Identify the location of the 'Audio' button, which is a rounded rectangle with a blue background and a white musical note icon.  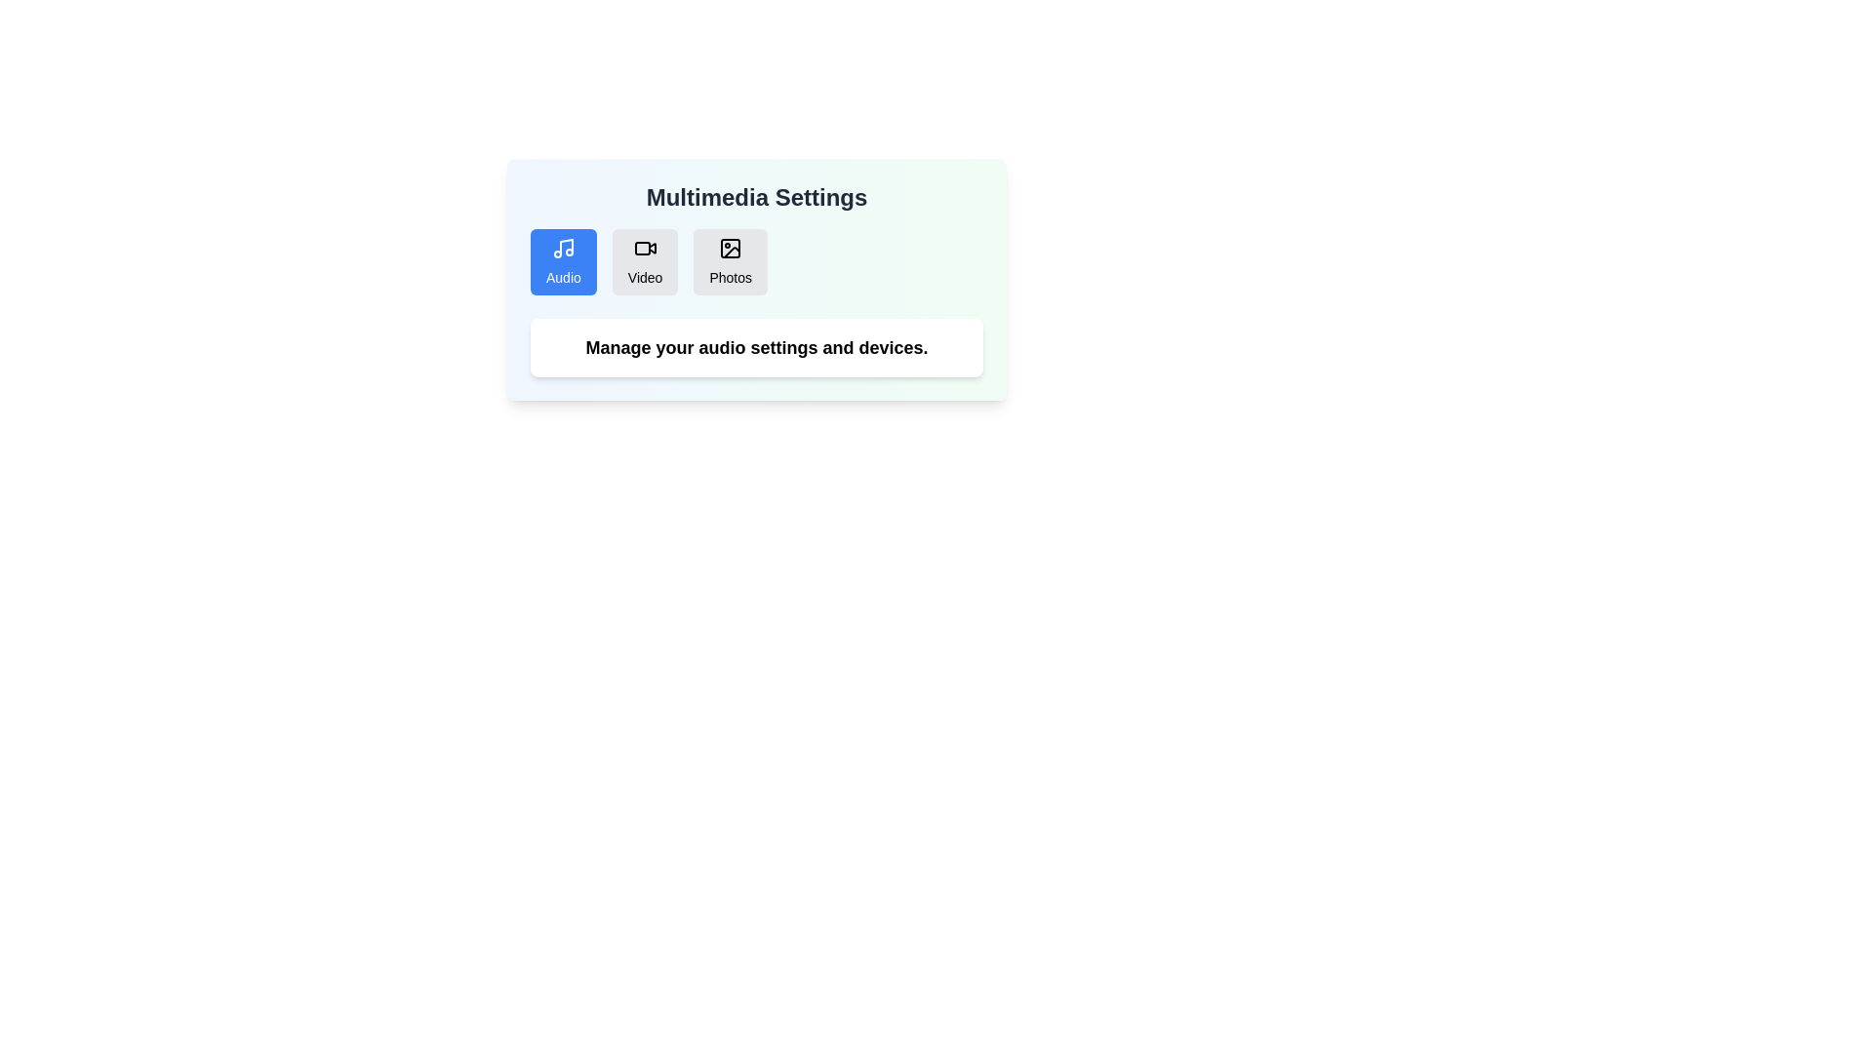
(562, 261).